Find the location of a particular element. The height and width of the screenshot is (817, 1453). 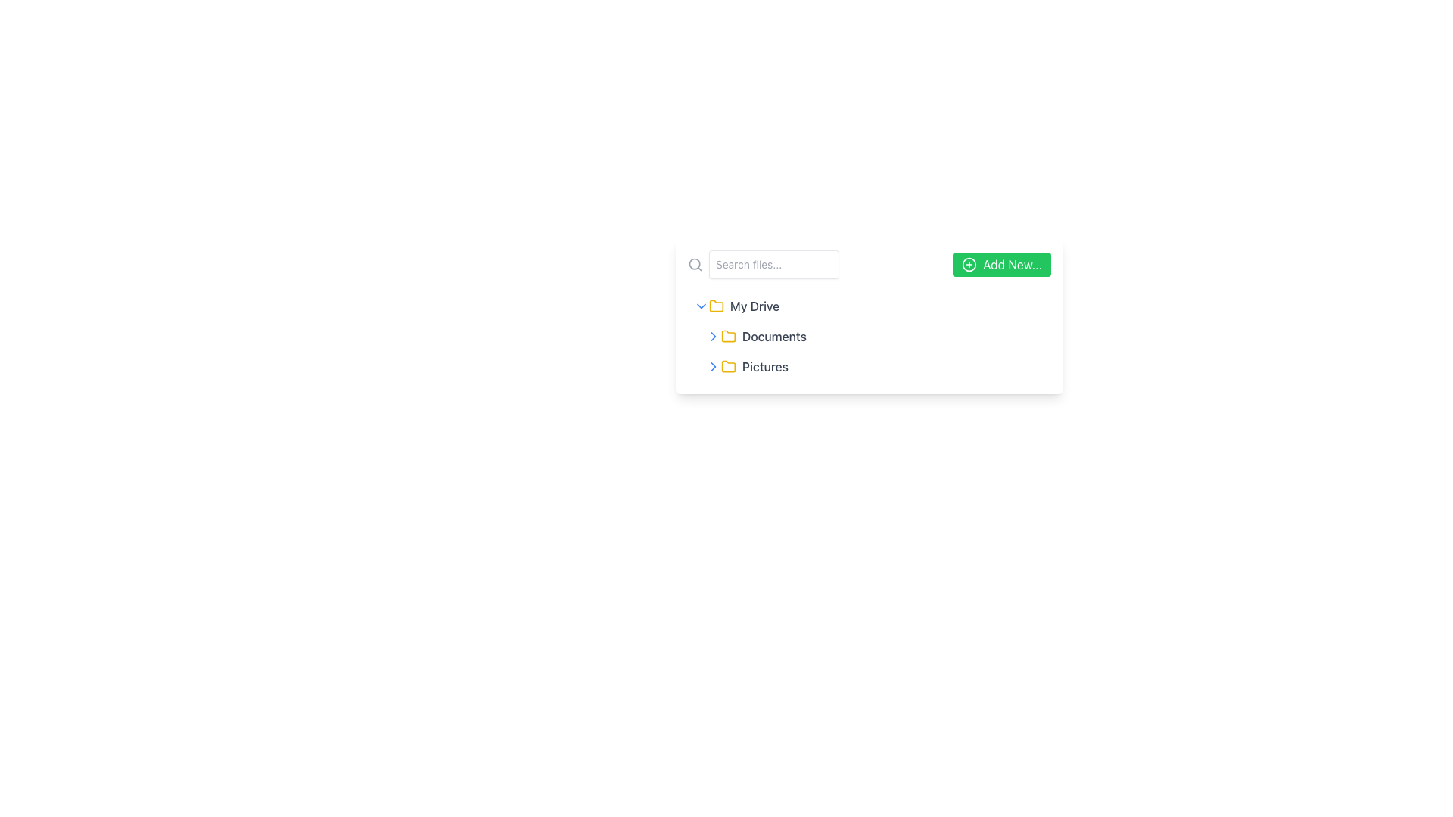

the text label displaying 'Pictures' in a medium-sized gray font, which is aligned with folder names in the list is located at coordinates (765, 367).